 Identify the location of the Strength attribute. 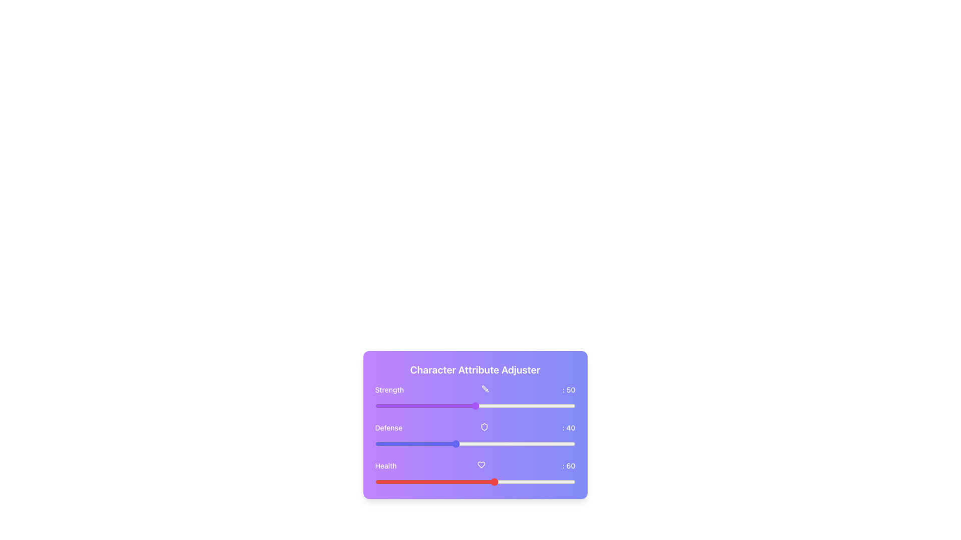
(405, 406).